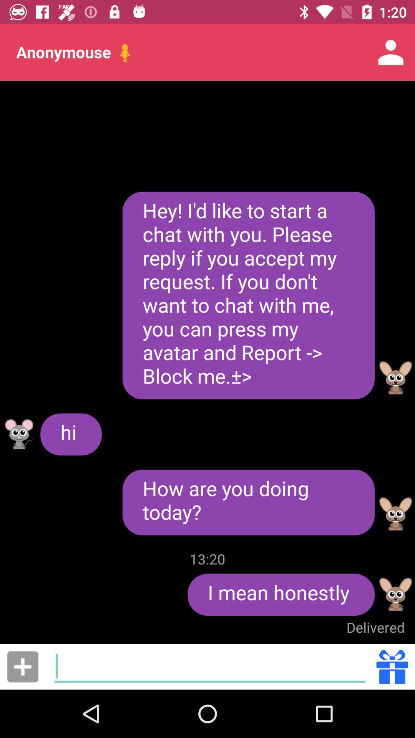  I want to click on the item below 13:20 item, so click(281, 594).